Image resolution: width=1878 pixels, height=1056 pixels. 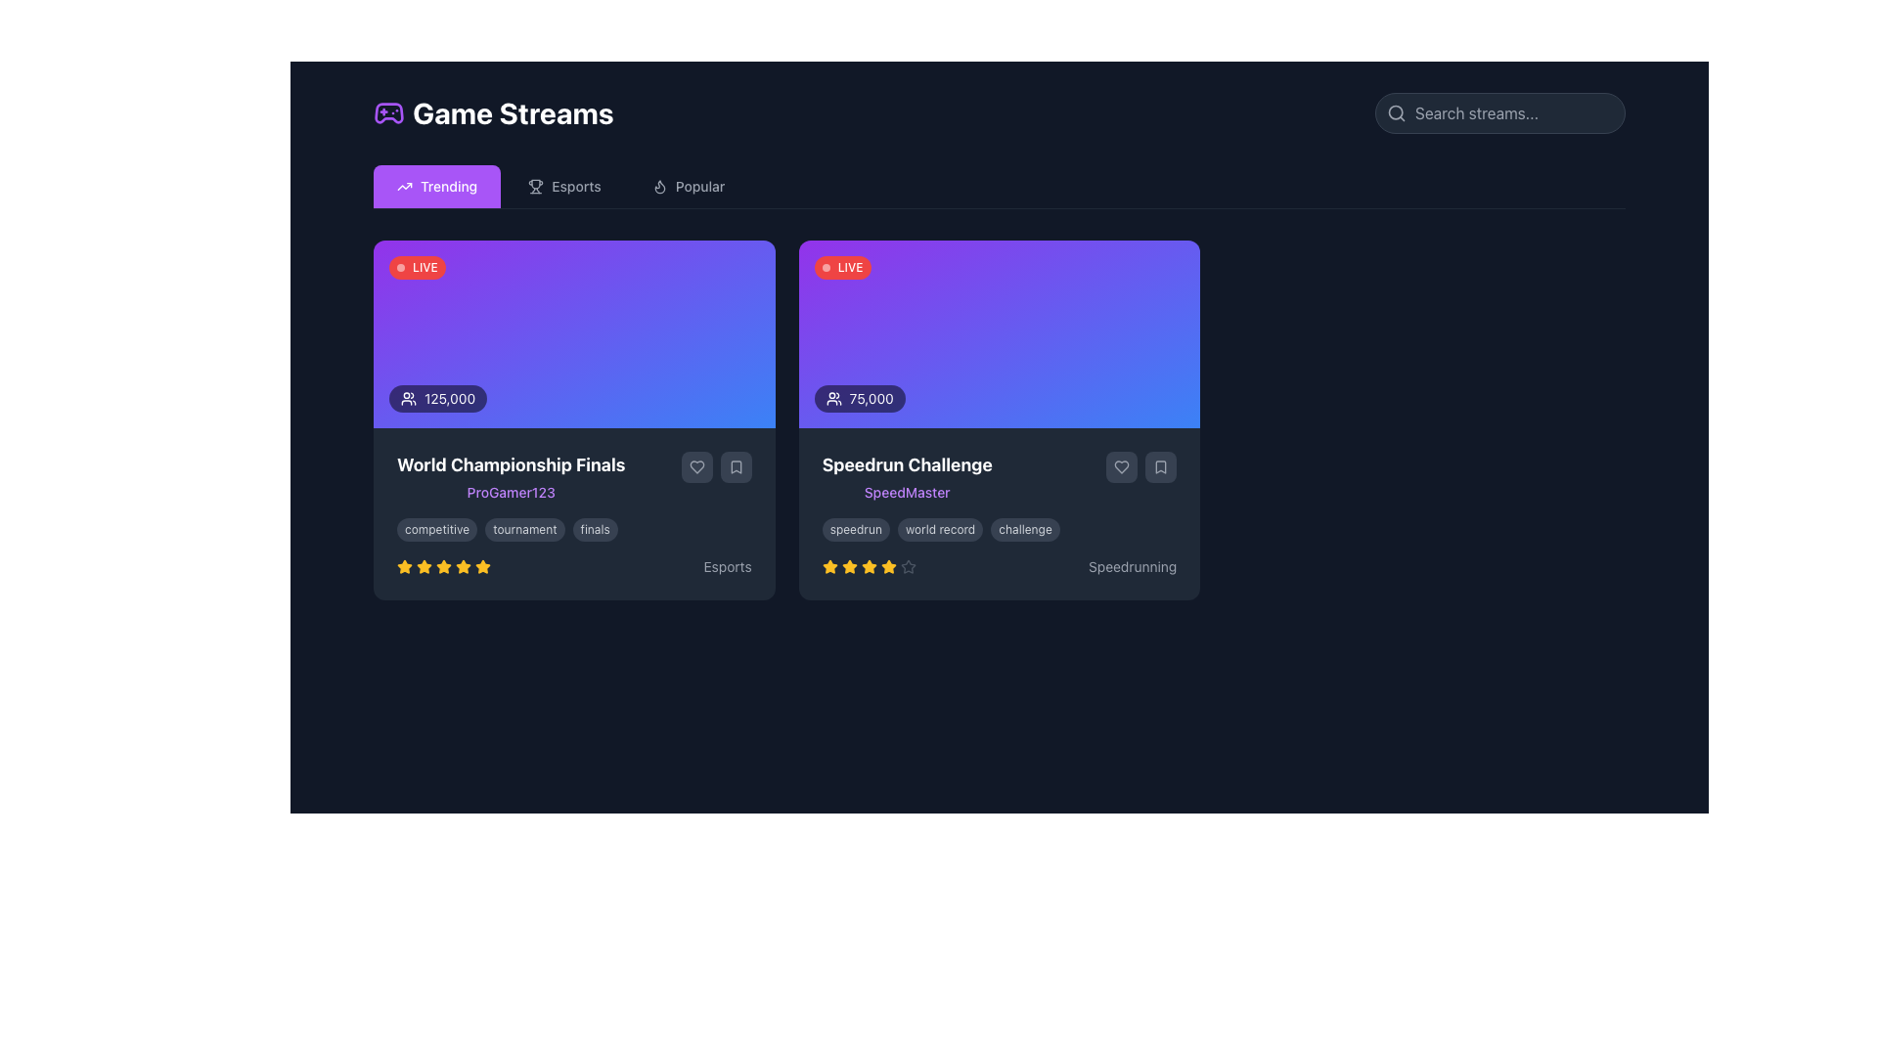 What do you see at coordinates (868, 566) in the screenshot?
I see `the third golden star icon in the horizontal arrangement of five stars located below the 'Speedrun Challenge' section` at bounding box center [868, 566].